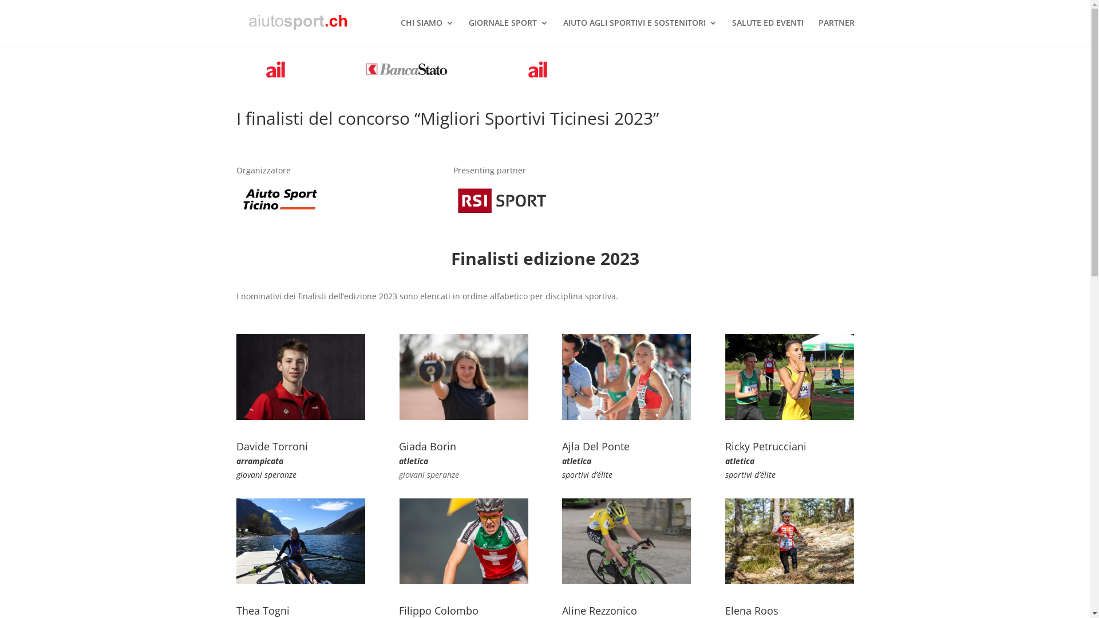 The height and width of the screenshot is (618, 1099). What do you see at coordinates (639, 31) in the screenshot?
I see `'AIUTO AGLI SPORTIVI E SOSTENITORI'` at bounding box center [639, 31].